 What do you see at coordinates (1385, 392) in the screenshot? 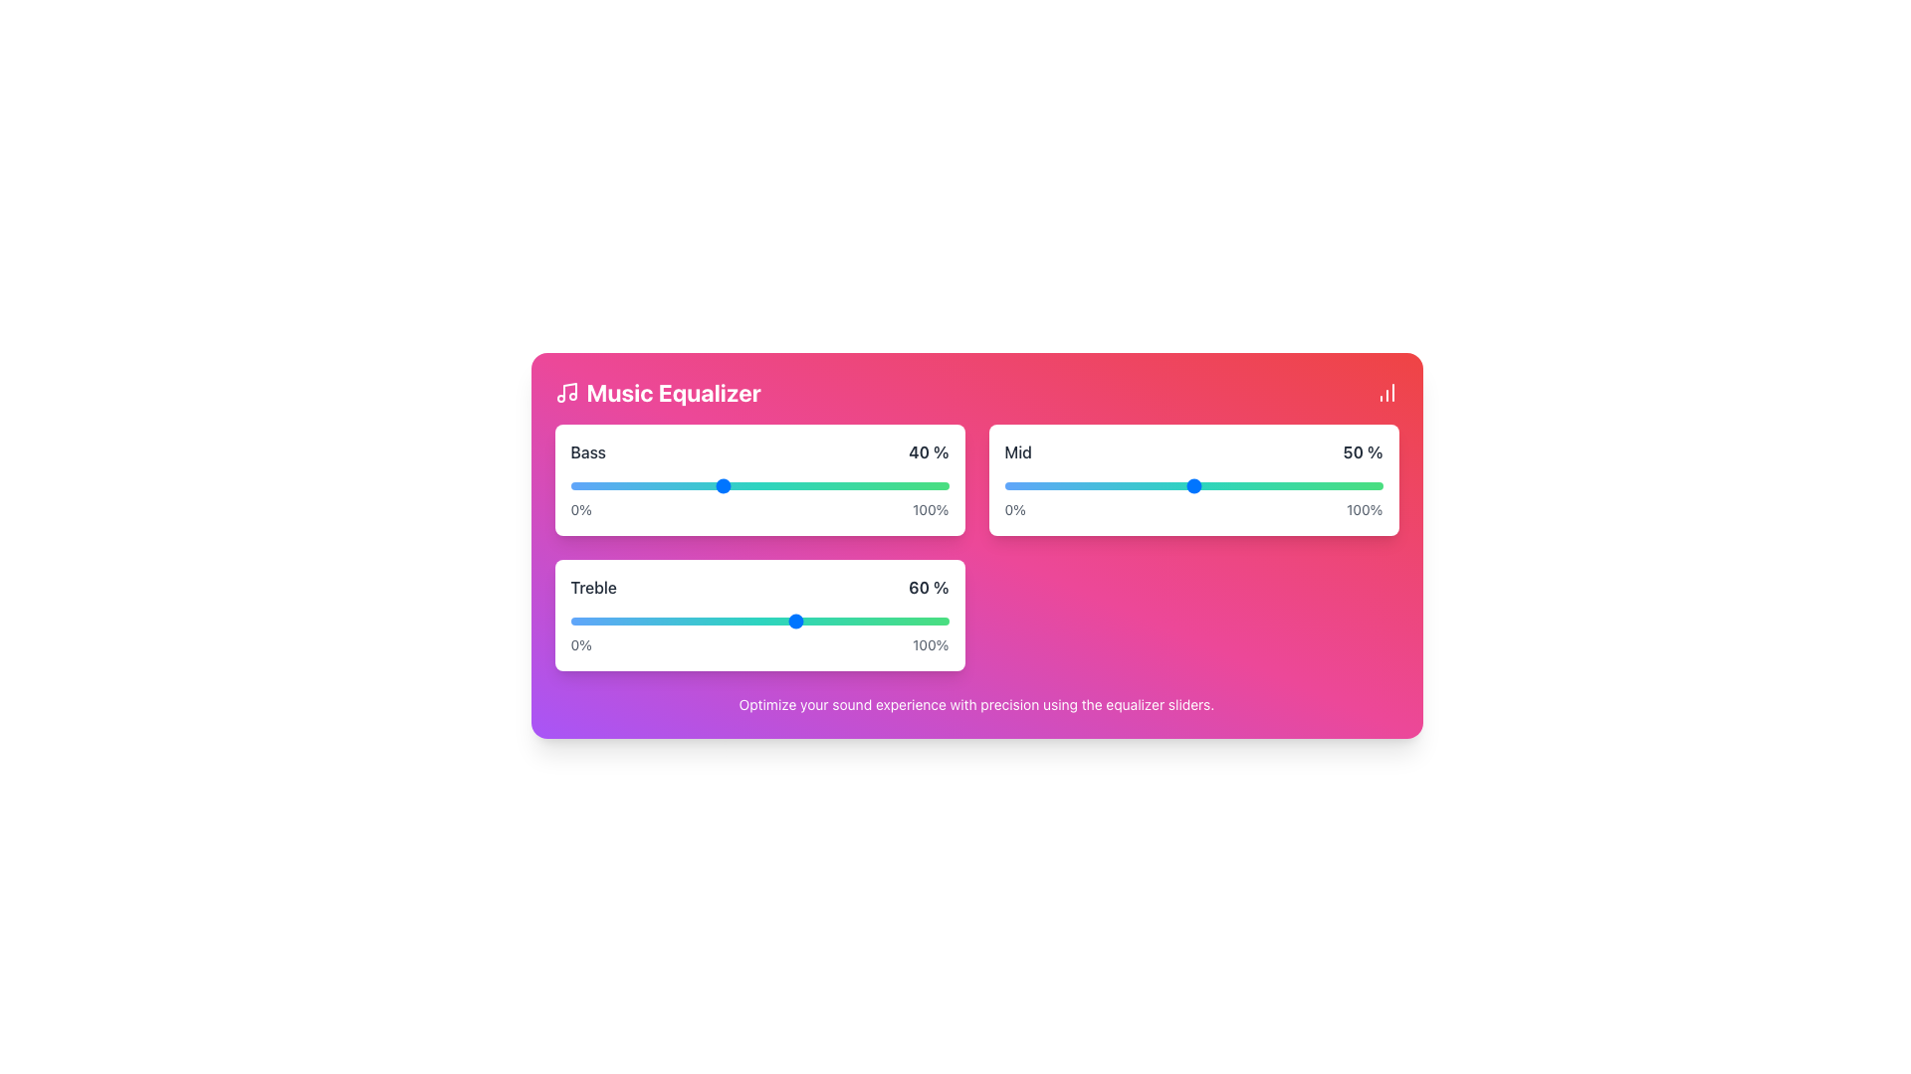
I see `the analytics icon located inside the prominent red circular button at the top right corner of the visual interface` at bounding box center [1385, 392].